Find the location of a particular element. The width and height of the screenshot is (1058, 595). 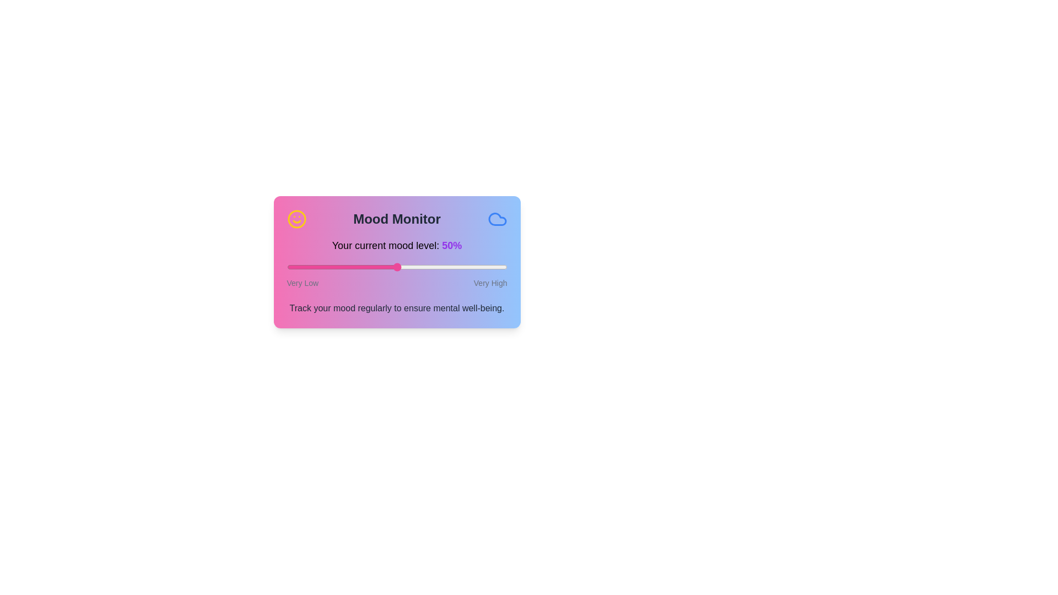

the slider to inspect its range and position is located at coordinates (397, 267).